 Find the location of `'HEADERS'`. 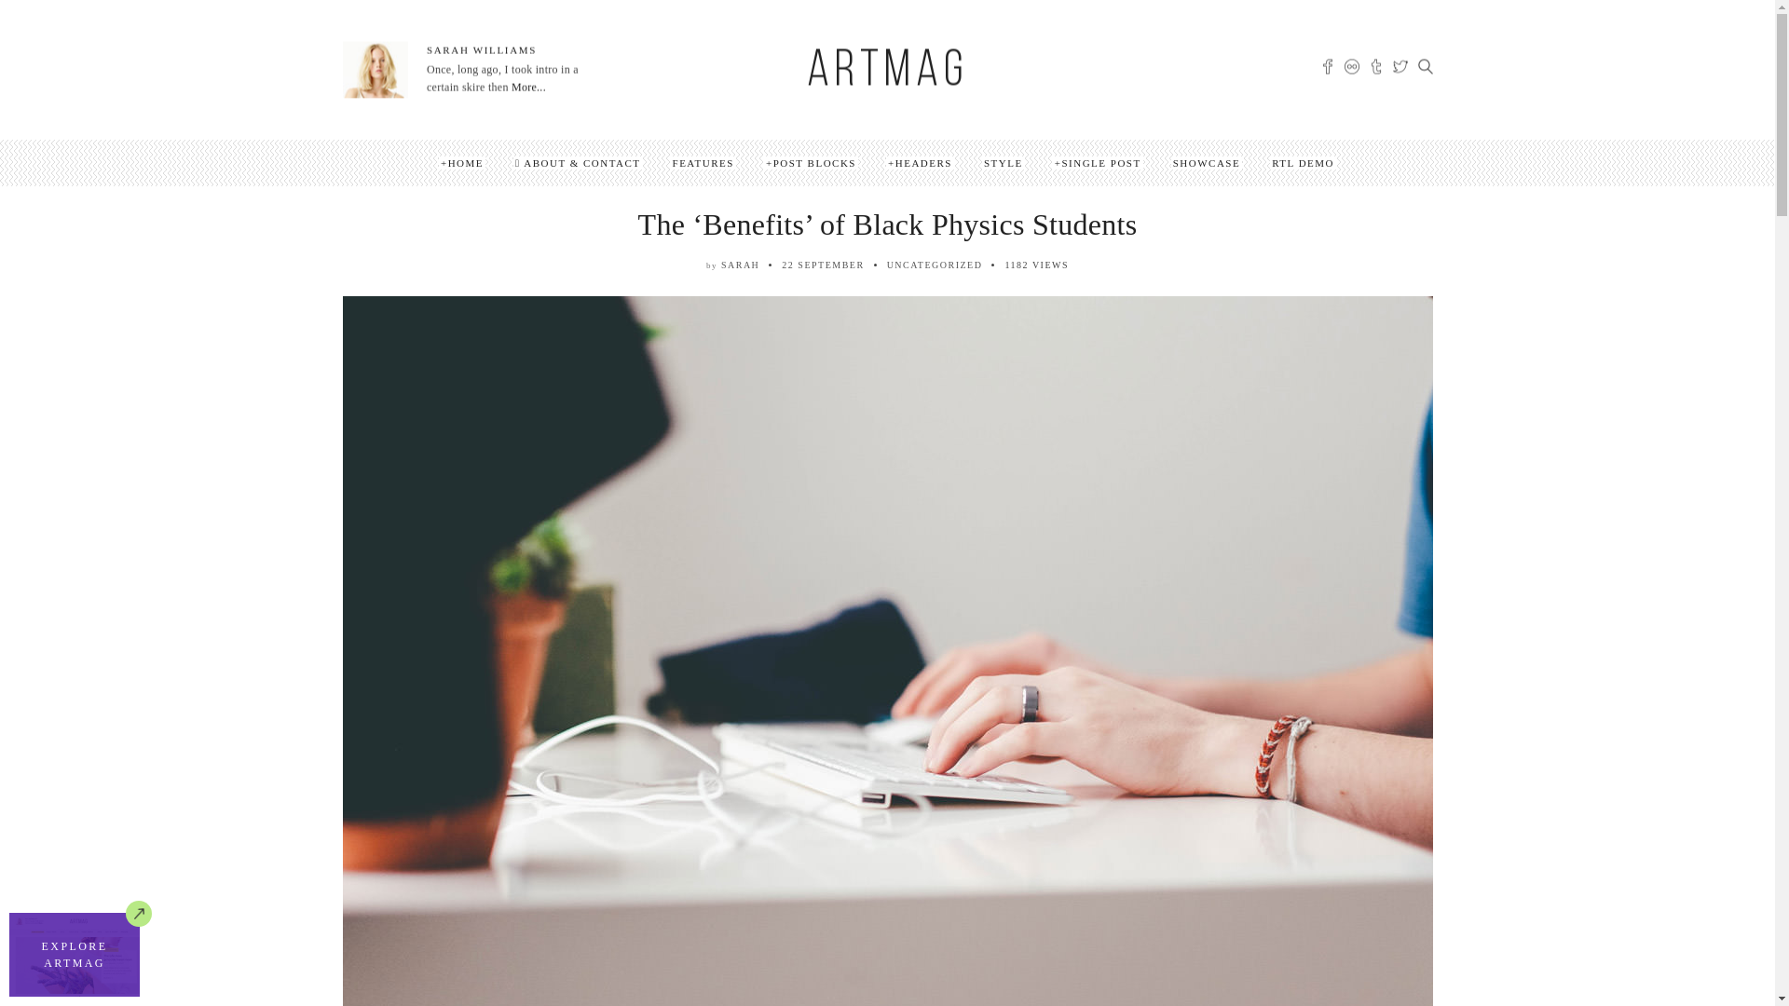

'HEADERS' is located at coordinates (884, 161).